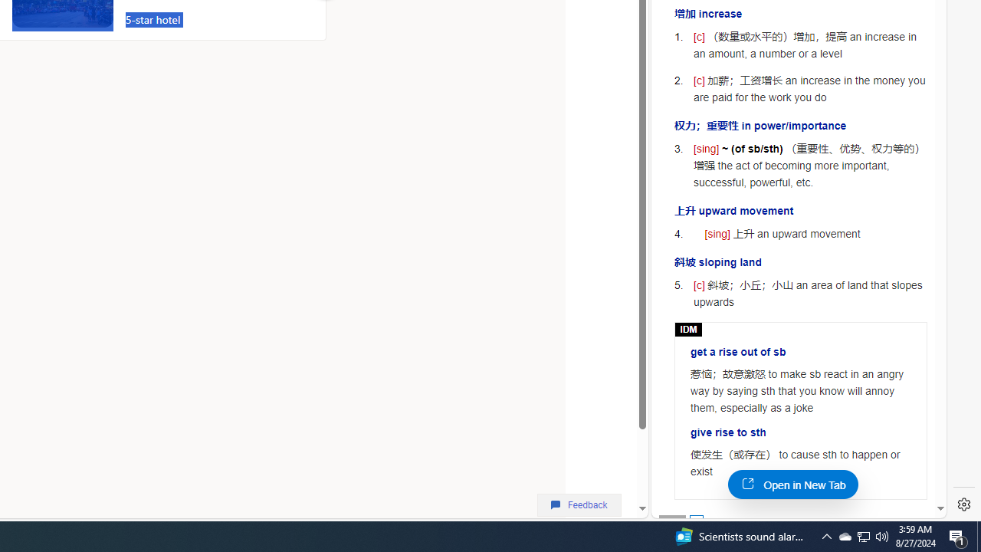 The height and width of the screenshot is (552, 981). Describe the element at coordinates (695, 521) in the screenshot. I see `'AutomationID: posbtn_1'` at that location.